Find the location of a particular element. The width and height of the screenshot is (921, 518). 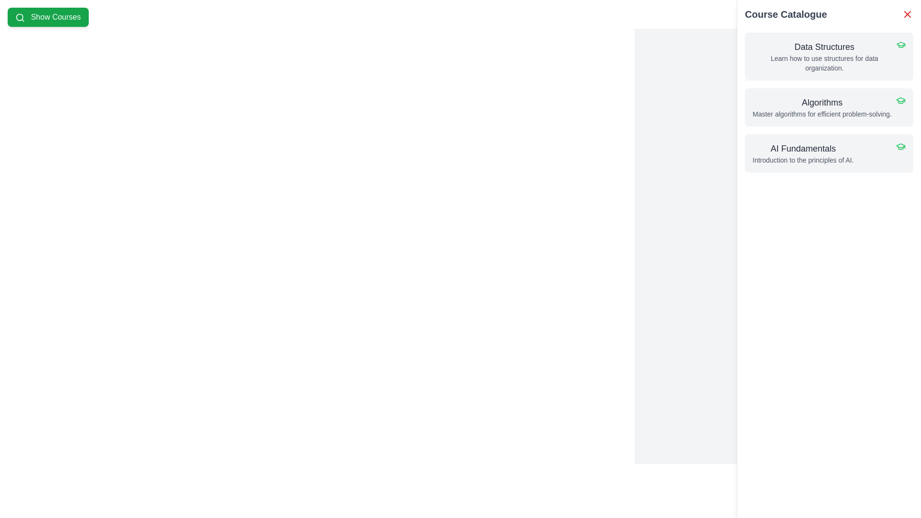

SVG Circle Element that is part of the search icon located at the left edge of the 'Show Courses' button is located at coordinates (20, 17).